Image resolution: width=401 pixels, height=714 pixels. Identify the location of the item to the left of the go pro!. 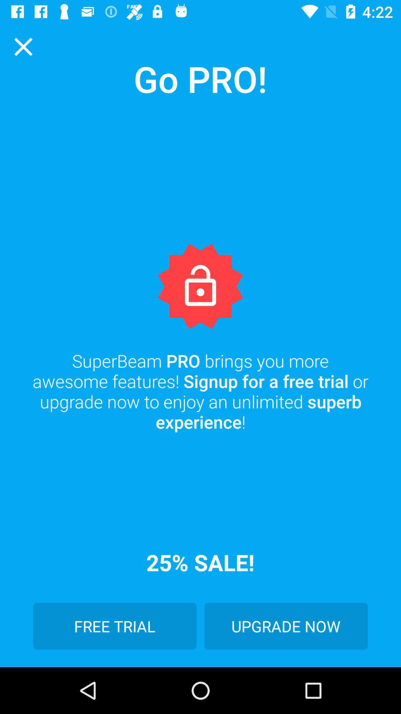
(23, 46).